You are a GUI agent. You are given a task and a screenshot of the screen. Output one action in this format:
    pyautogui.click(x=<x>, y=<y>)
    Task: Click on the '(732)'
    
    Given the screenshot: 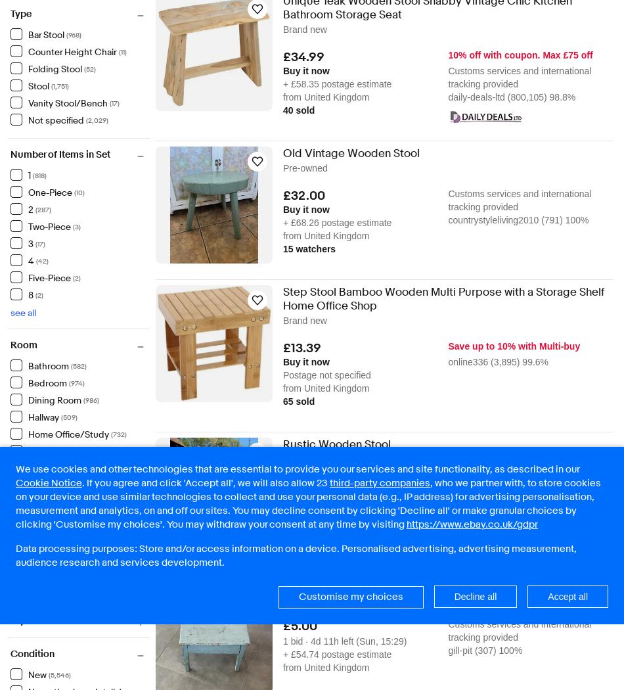 What is the action you would take?
    pyautogui.click(x=118, y=434)
    